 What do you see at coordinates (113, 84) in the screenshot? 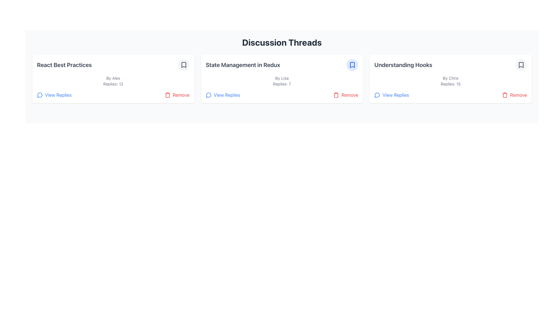
I see `the text label displaying 'Replies: 12' located within the 'React Best Practices' card, positioned below 'By Alex' and above 'View Replies' and 'Remove' actions` at bounding box center [113, 84].